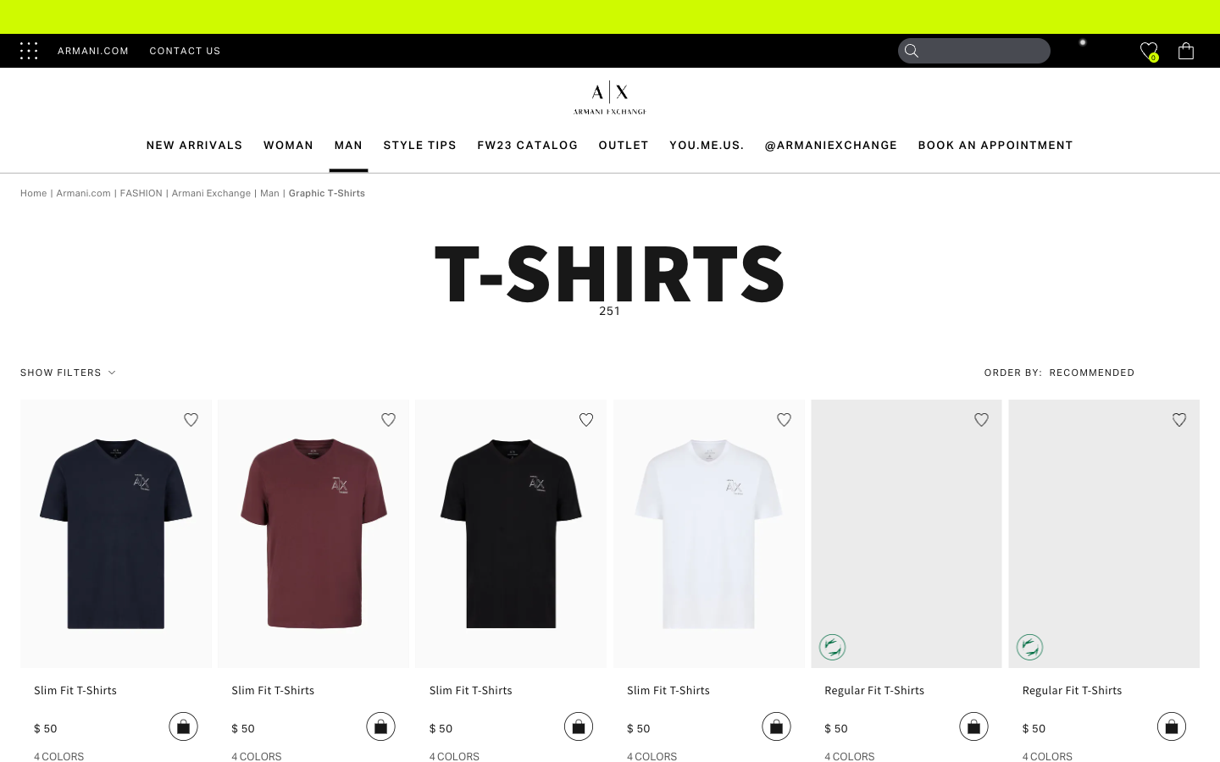  Describe the element at coordinates (453, 755) in the screenshot. I see `Opt for a new color for the third T-shirt starting from the left` at that location.